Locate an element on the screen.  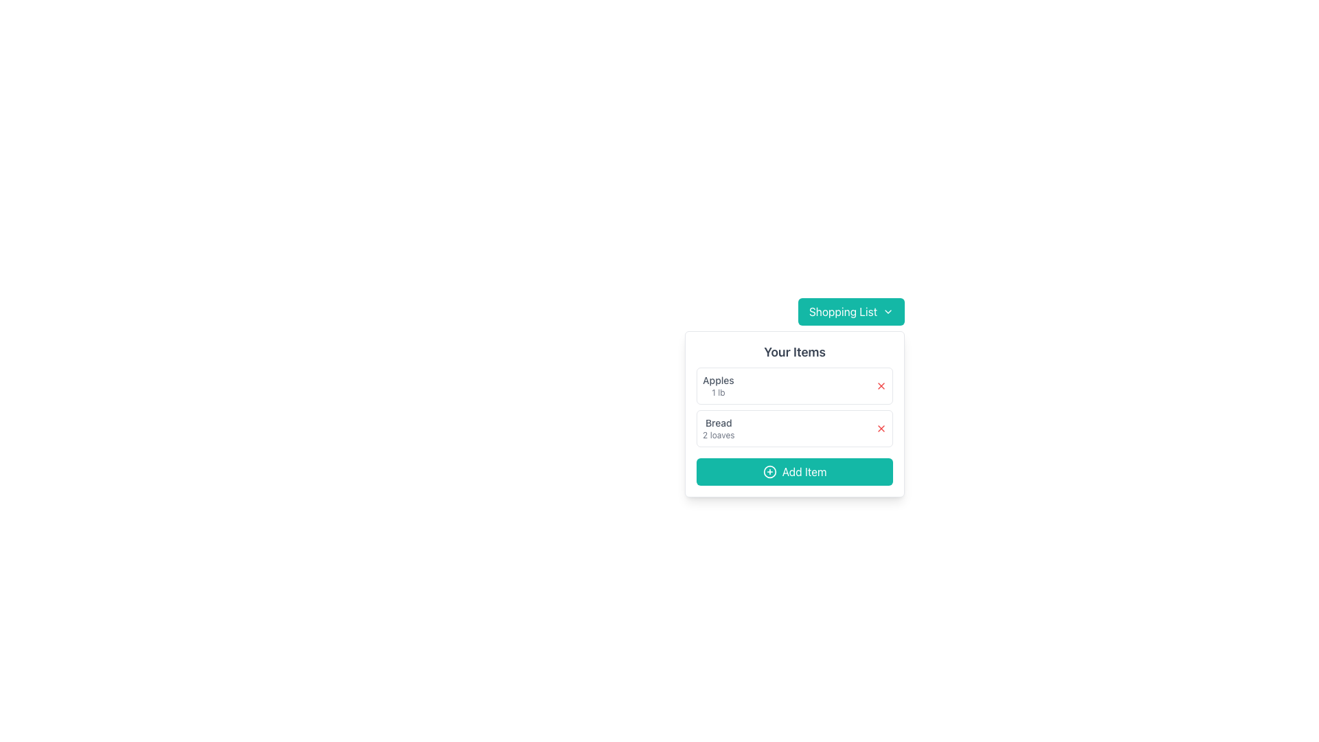
the first shopping list item displaying the product name and quantity is located at coordinates (795, 386).